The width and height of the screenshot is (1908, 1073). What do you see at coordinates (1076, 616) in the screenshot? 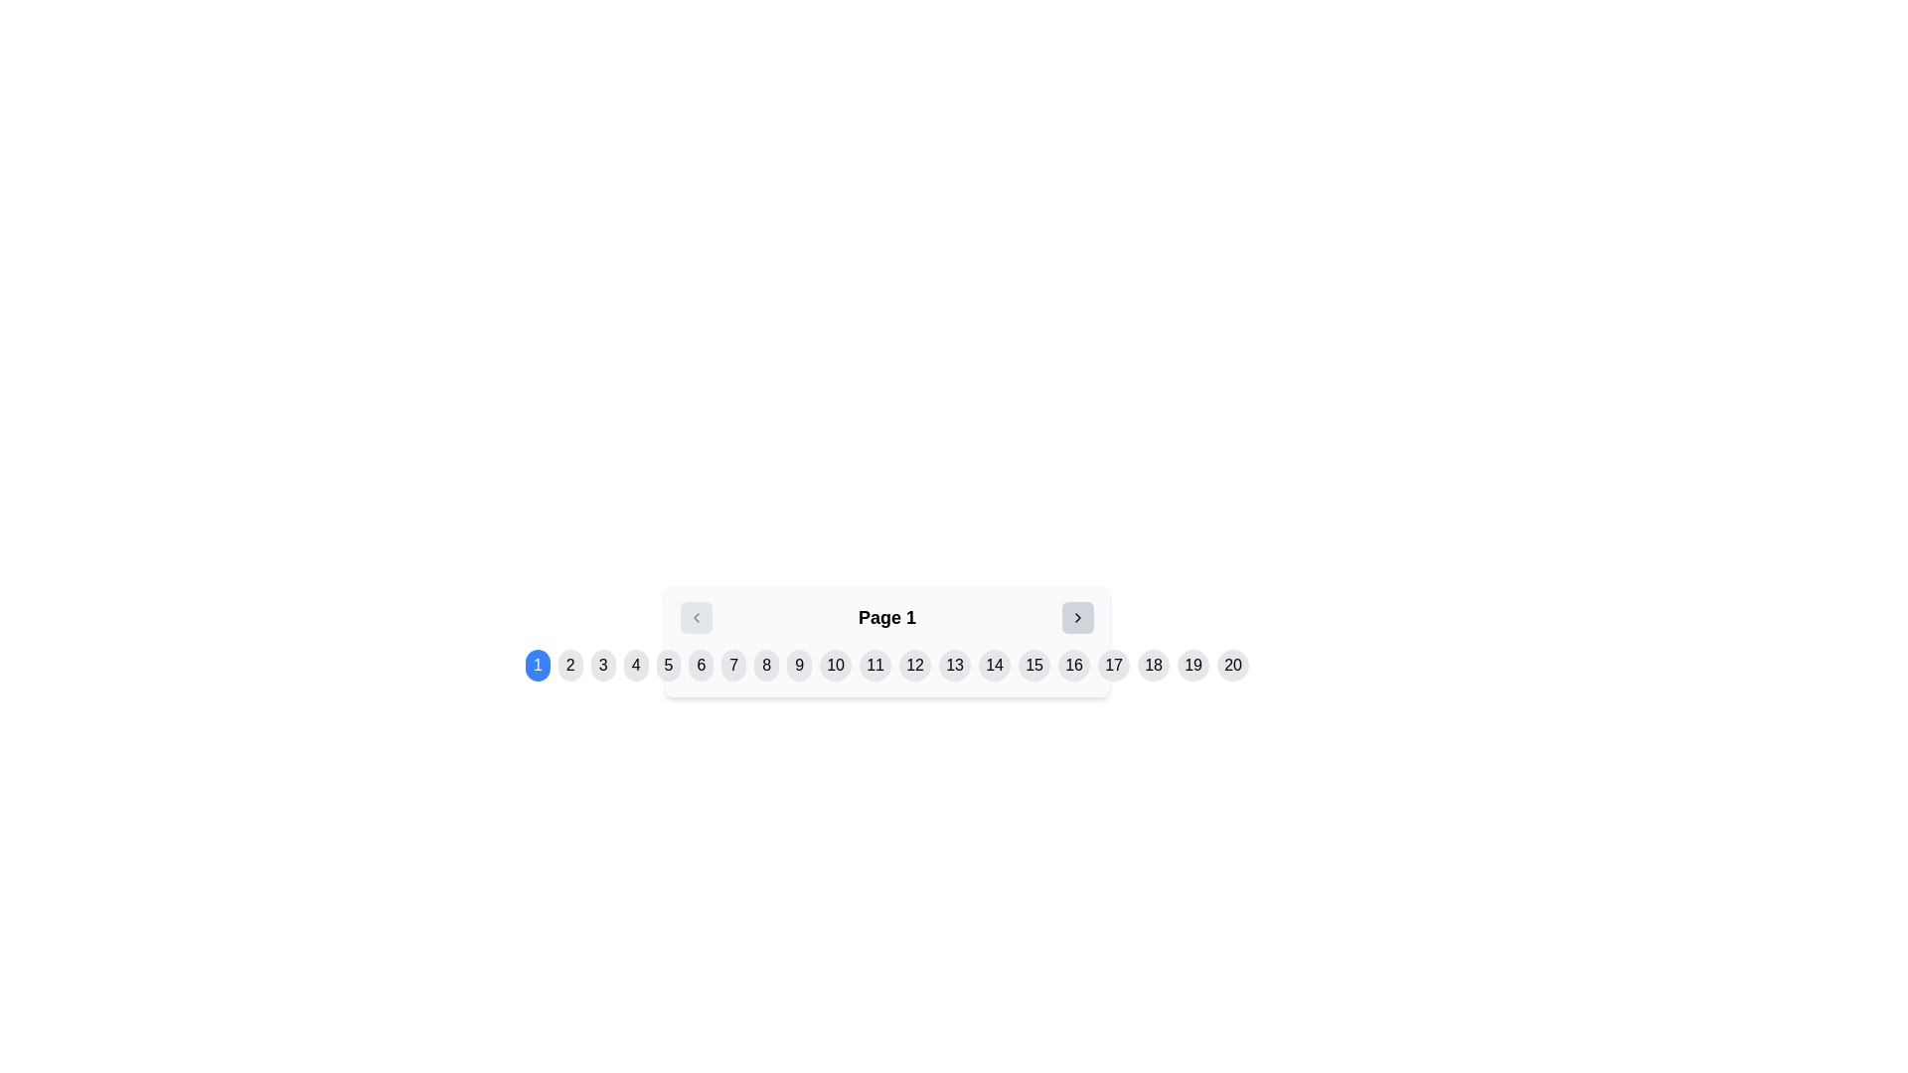
I see `the small right-pointing arrow button with a black stroke, located to the right of the 'Page 1' label in the pagination control` at bounding box center [1076, 616].